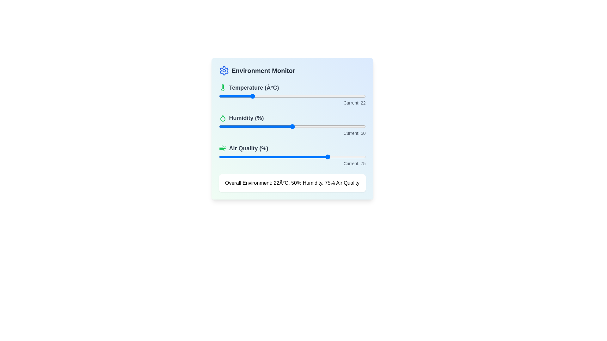  What do you see at coordinates (280, 96) in the screenshot?
I see `the temperature slider to set the temperature to 42 degrees Celsius` at bounding box center [280, 96].